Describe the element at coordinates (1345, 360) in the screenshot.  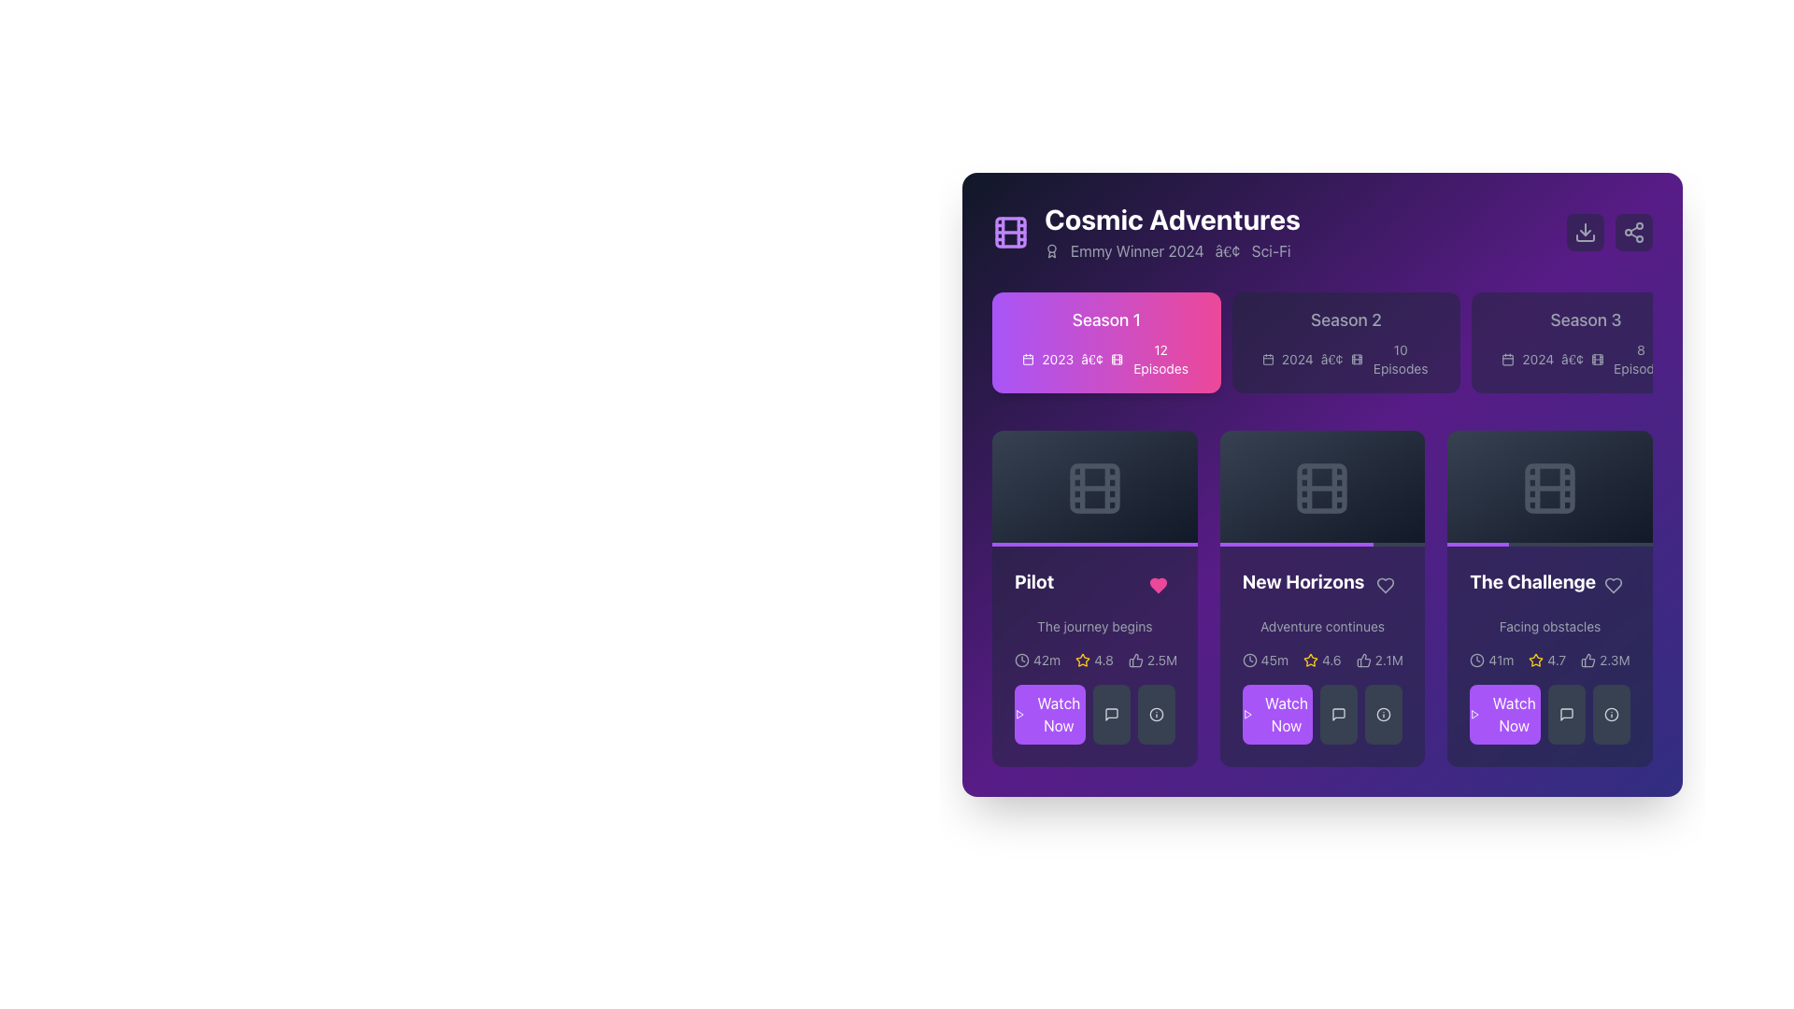
I see `the associated iconography of the text element summarizing the release year and episode count for 'Season 2' located below the title text in the season card` at that location.